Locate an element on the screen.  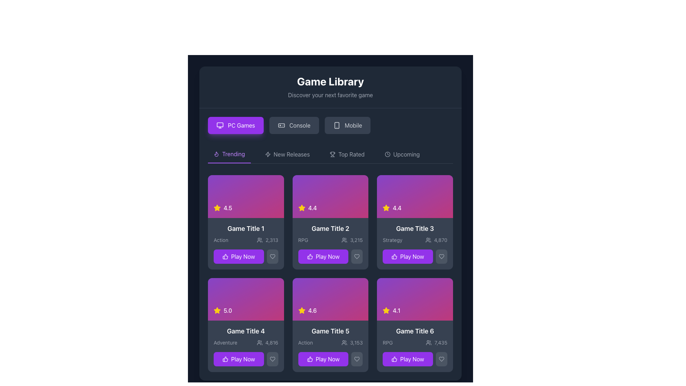
the button located in the second column of the first row of the game card grid is located at coordinates (323, 256).